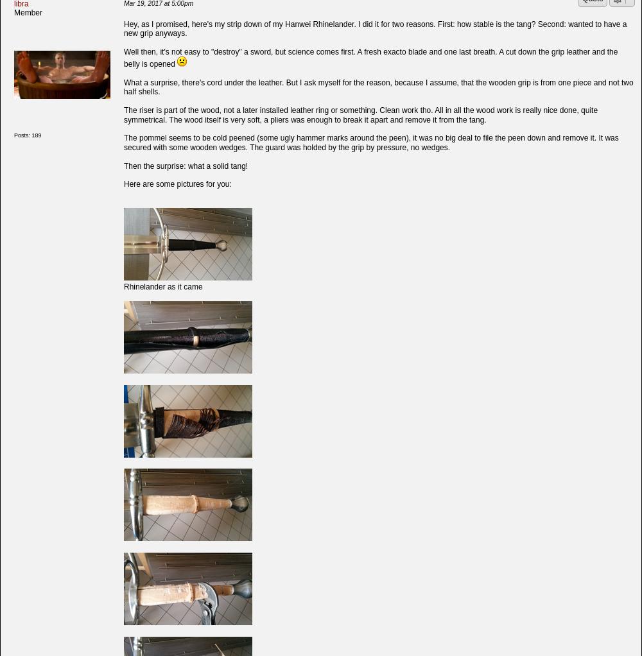 Image resolution: width=642 pixels, height=656 pixels. Describe the element at coordinates (163, 286) in the screenshot. I see `'Rhinelander as it came'` at that location.